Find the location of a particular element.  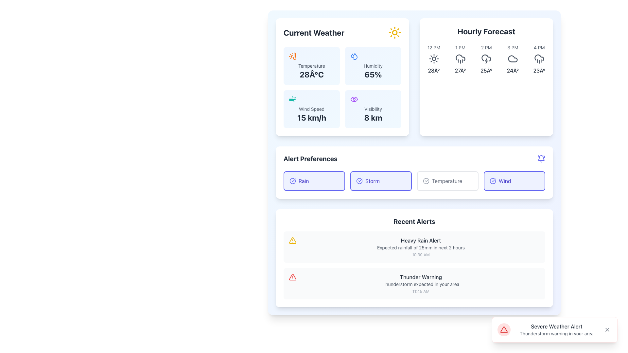

the informational label for the visibility metric located in the bottom-right box of the 'Current Weather' panel, which displays the context for the visibility value ('8 km') below it is located at coordinates (373, 109).